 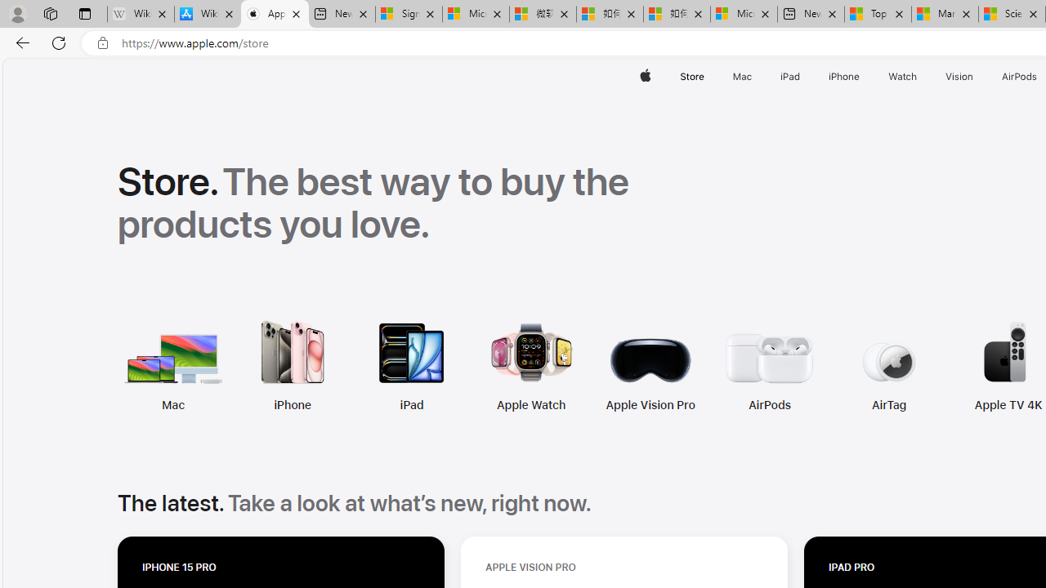 I want to click on 'Microsoft account | Account Checkup', so click(x=743, y=14).